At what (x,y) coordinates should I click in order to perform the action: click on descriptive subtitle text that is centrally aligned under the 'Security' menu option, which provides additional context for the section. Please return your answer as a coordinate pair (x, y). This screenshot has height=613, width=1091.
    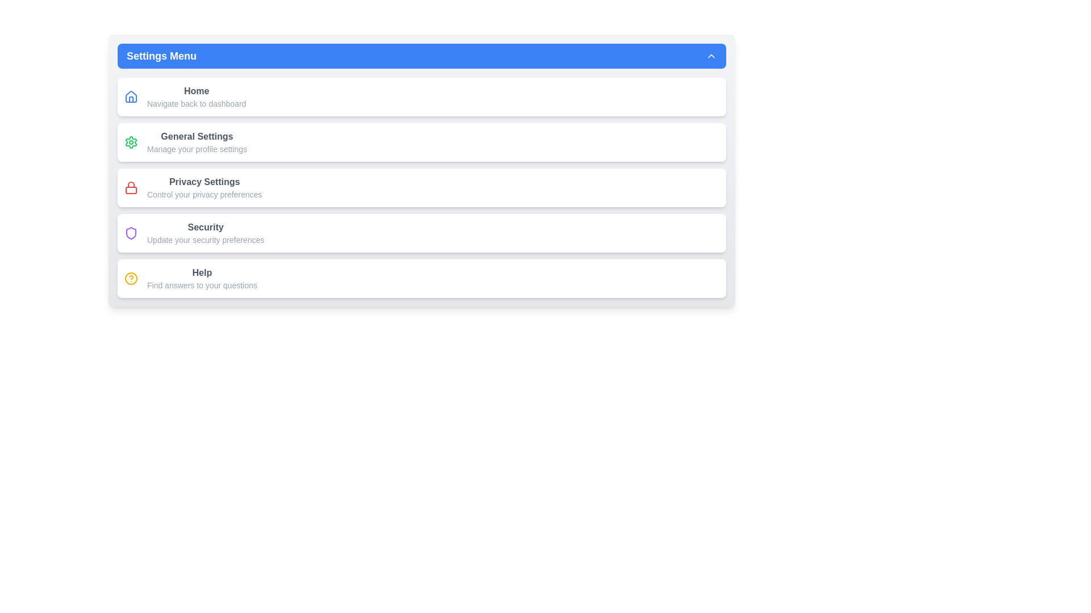
    Looking at the image, I should click on (206, 240).